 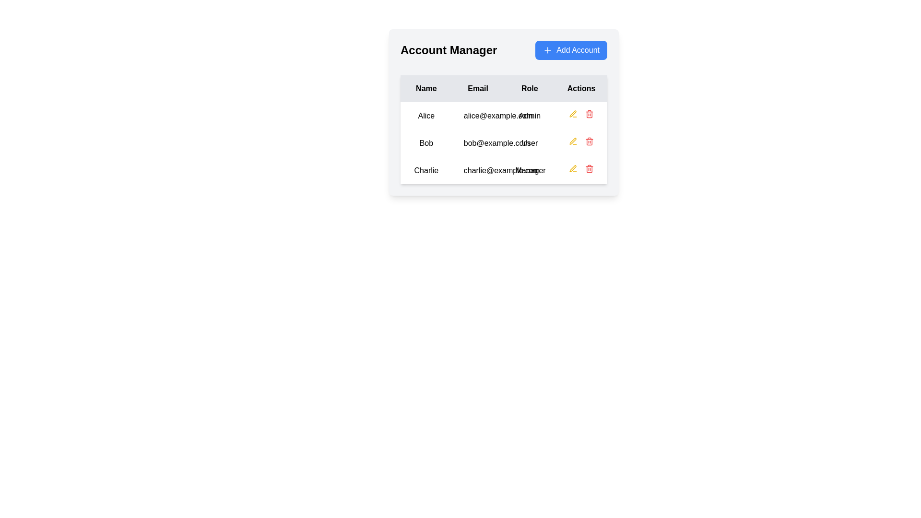 What do you see at coordinates (503, 89) in the screenshot?
I see `the gray table header that contains bold text for the columns: 'Name', 'Email', 'Role', and 'Actions', located at the top row of the table` at bounding box center [503, 89].